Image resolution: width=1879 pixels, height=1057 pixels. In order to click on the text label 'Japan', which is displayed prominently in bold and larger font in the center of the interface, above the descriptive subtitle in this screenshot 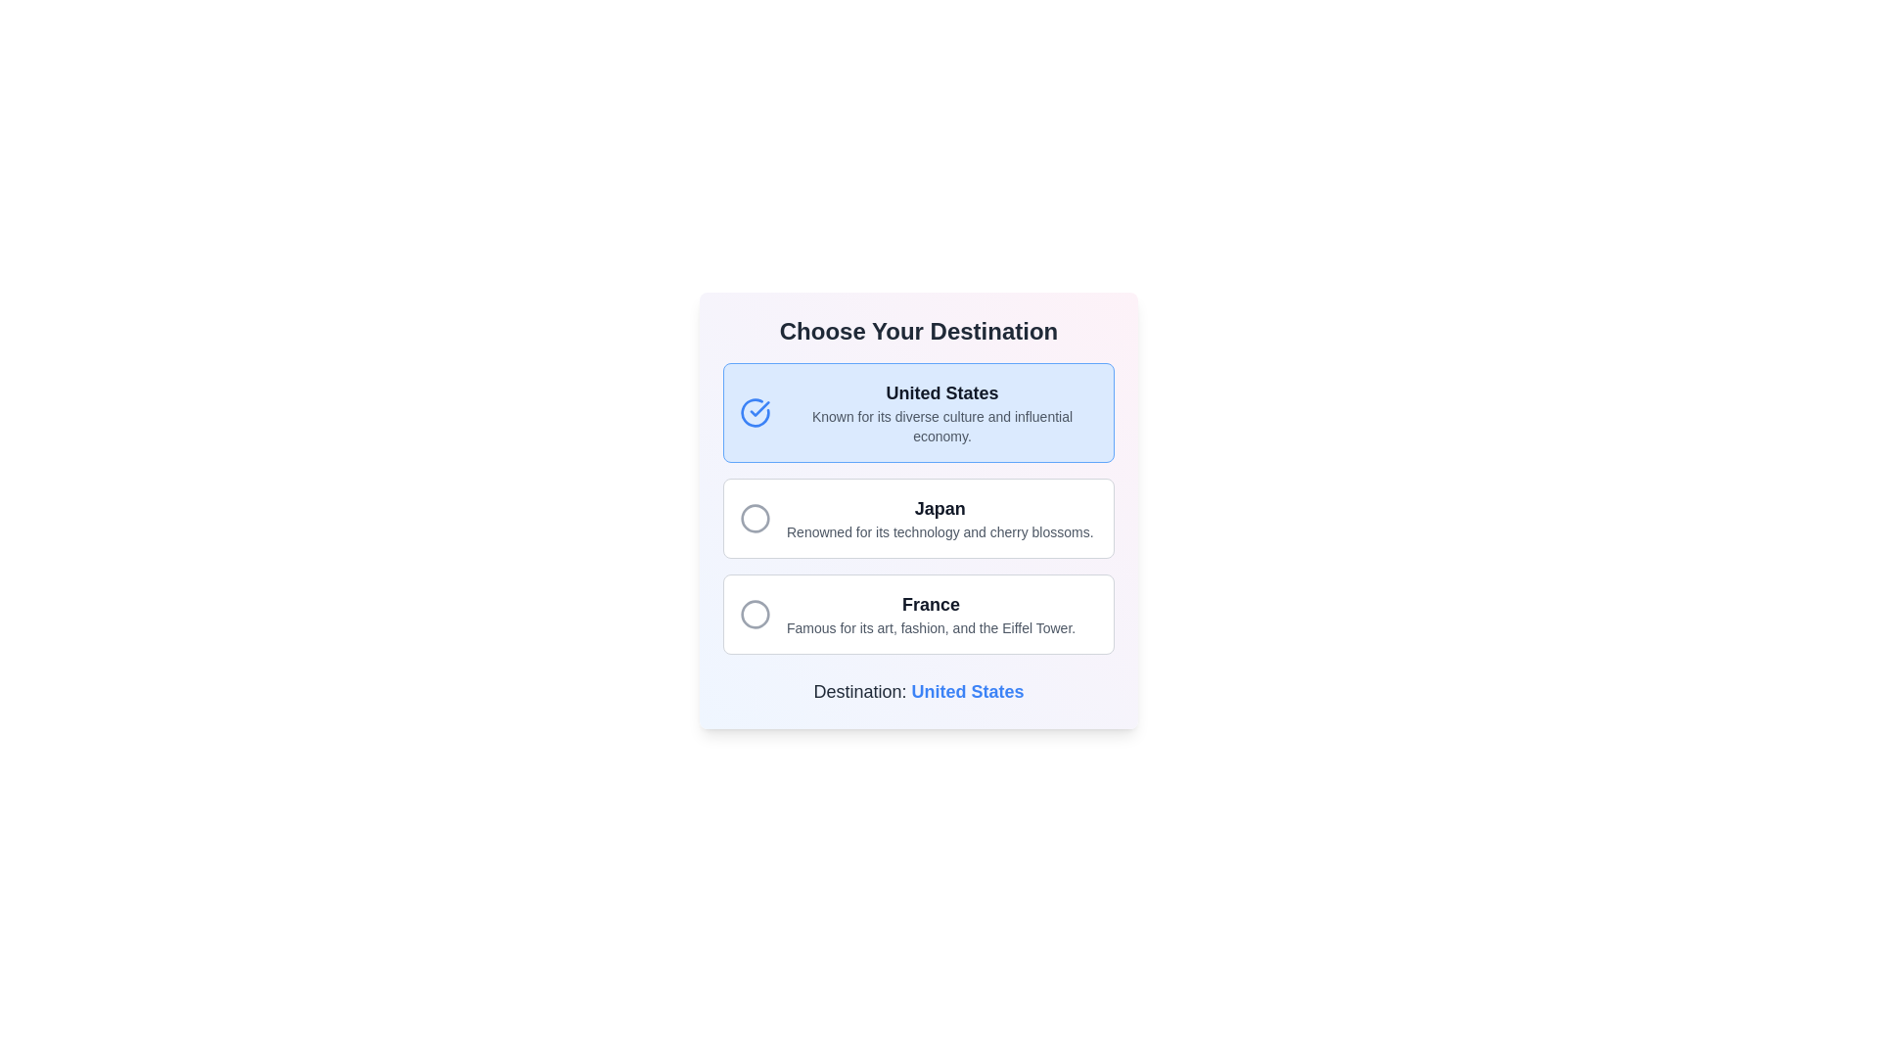, I will do `click(939, 508)`.